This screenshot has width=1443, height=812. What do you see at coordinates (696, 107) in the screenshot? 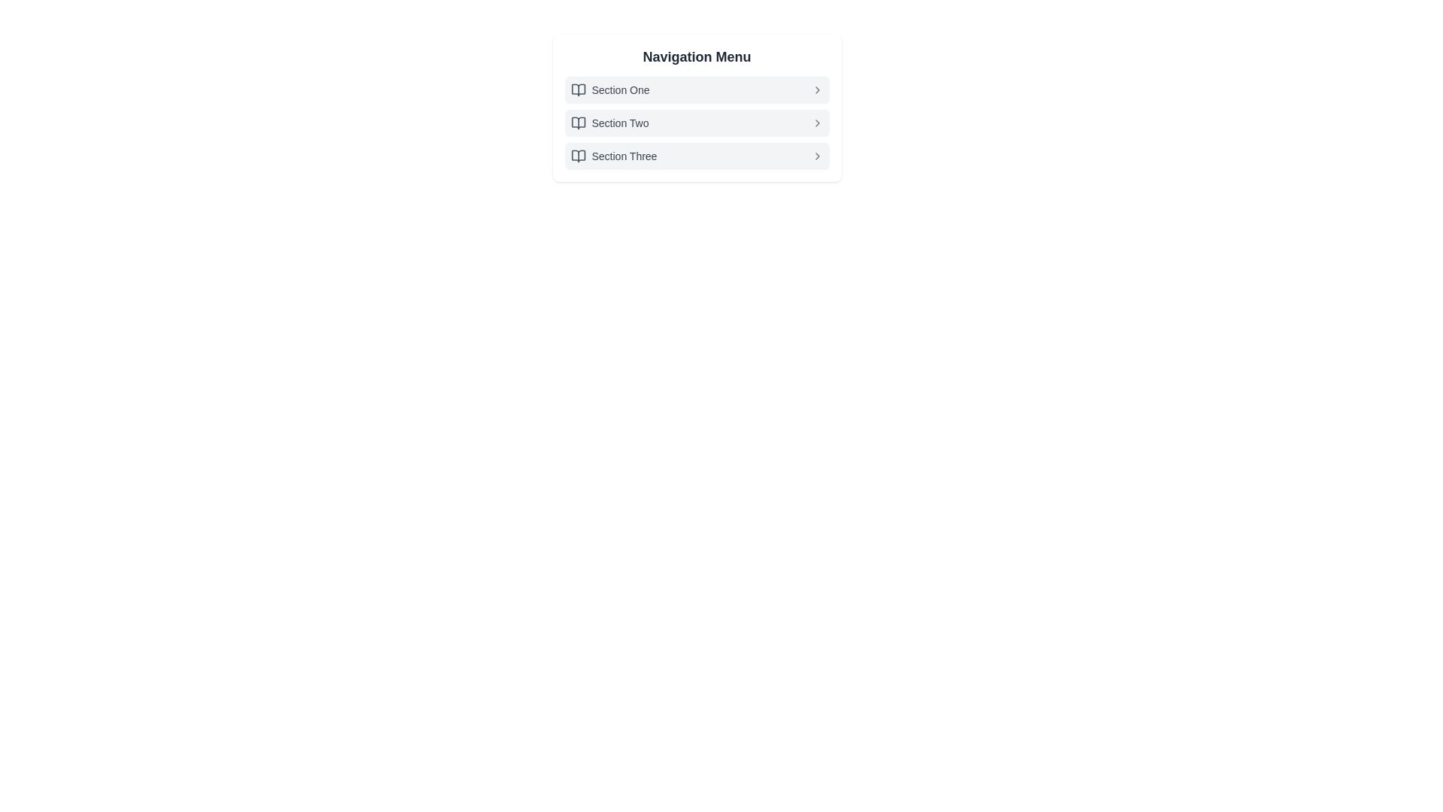
I see `the second entry in the Navigation Menu` at bounding box center [696, 107].